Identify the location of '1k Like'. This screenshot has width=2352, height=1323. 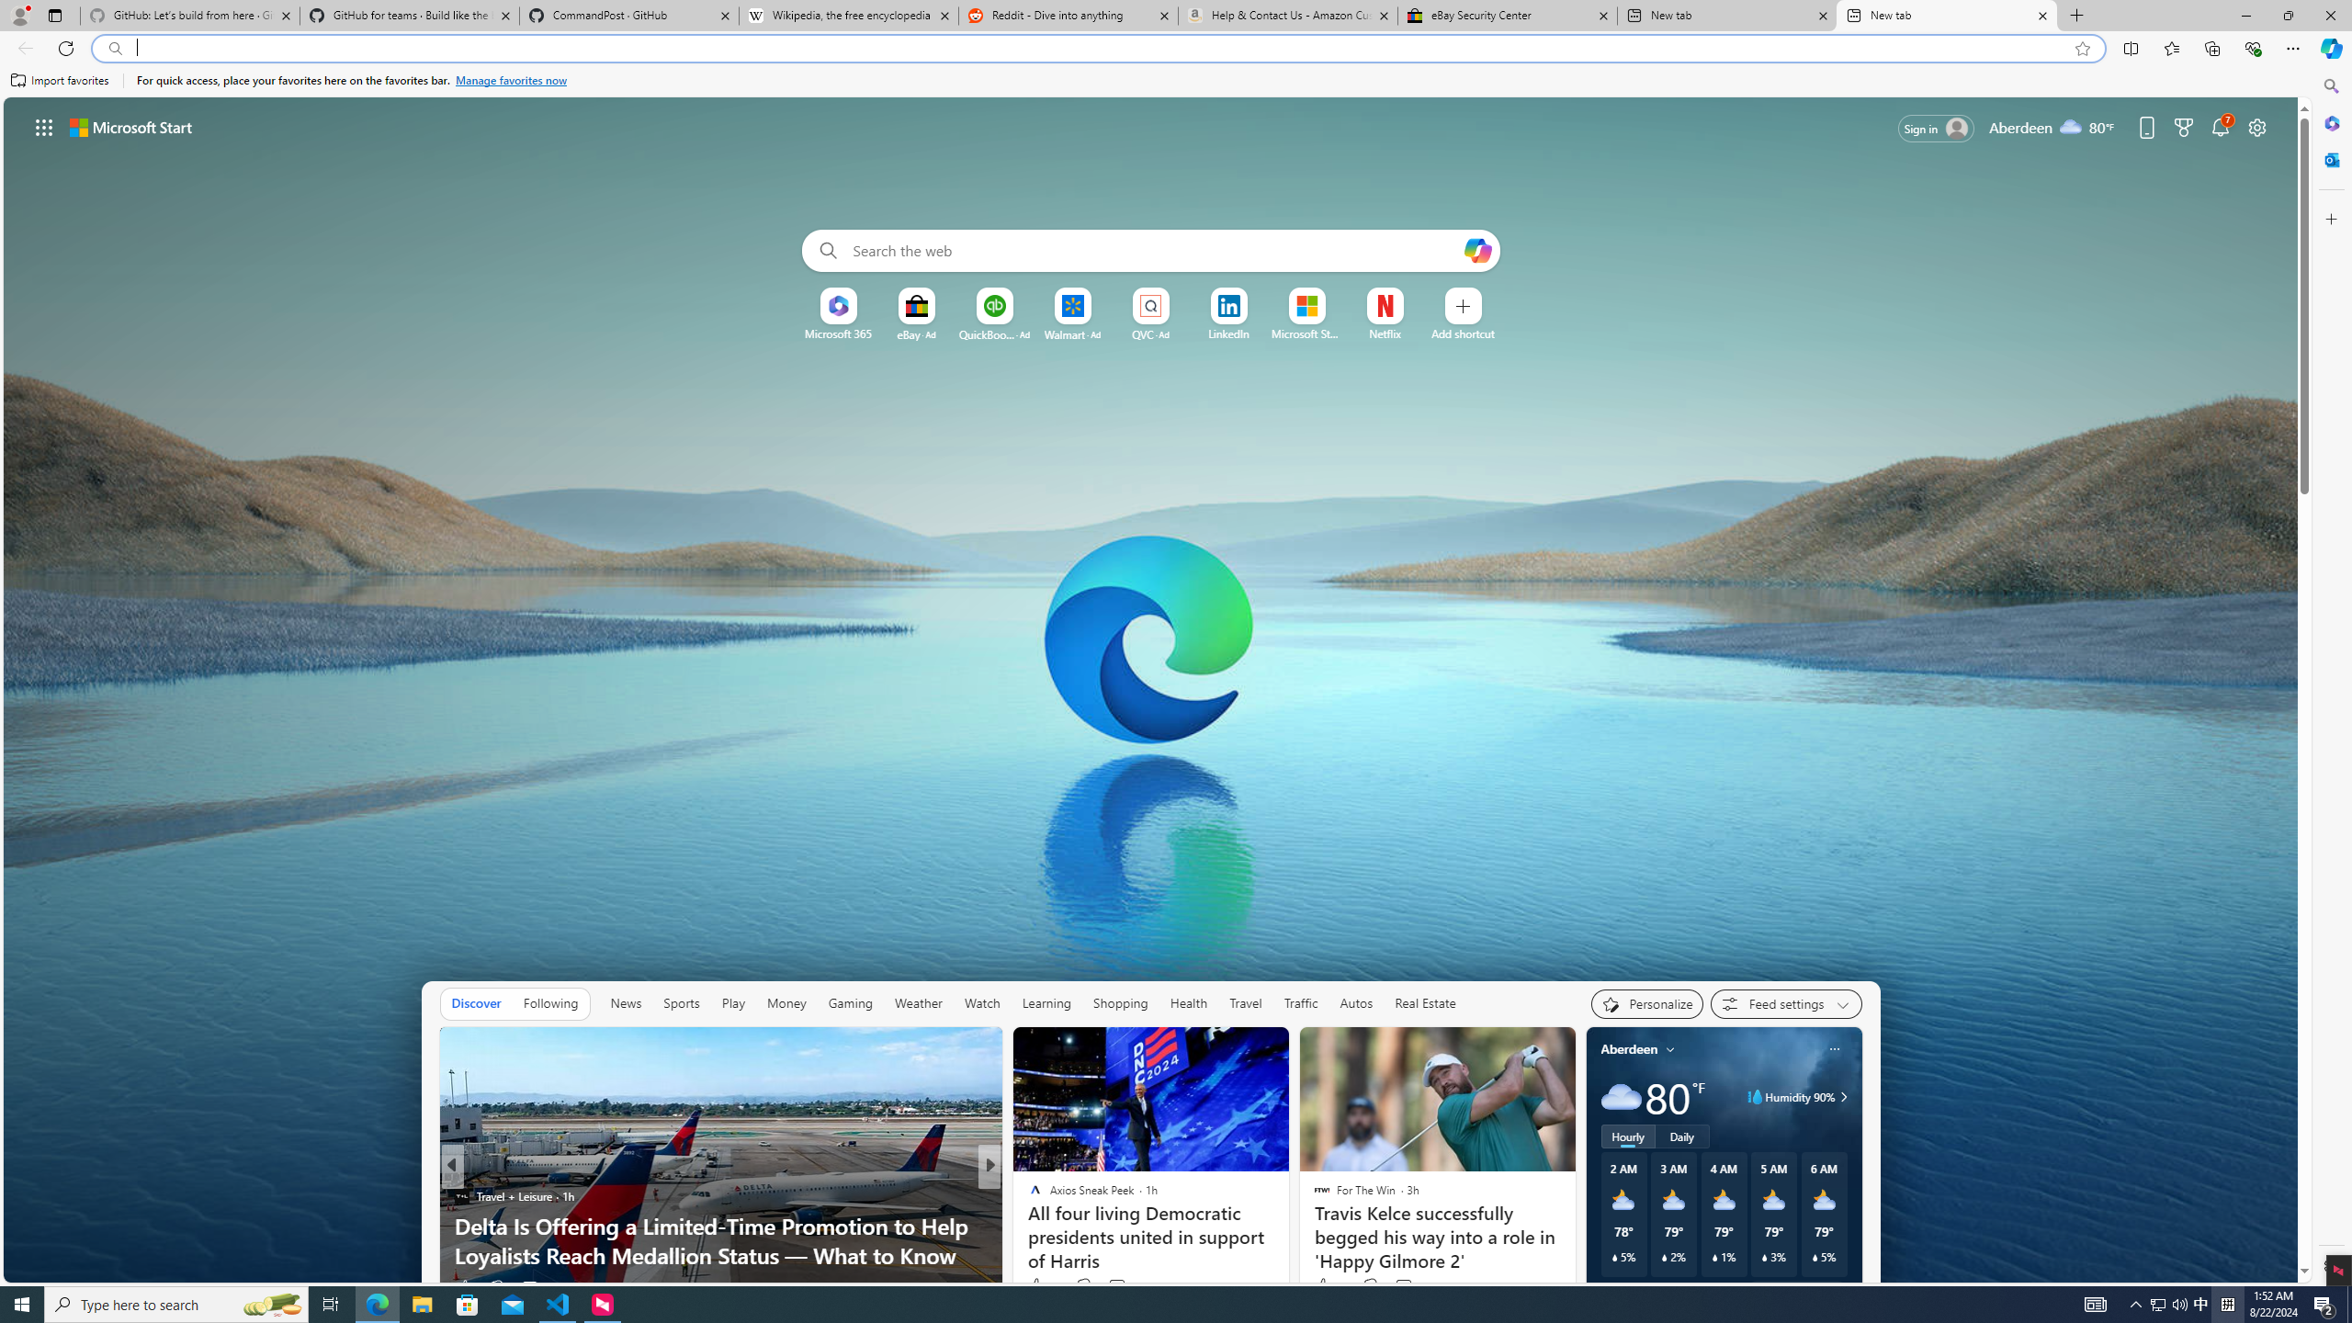
(1035, 1287).